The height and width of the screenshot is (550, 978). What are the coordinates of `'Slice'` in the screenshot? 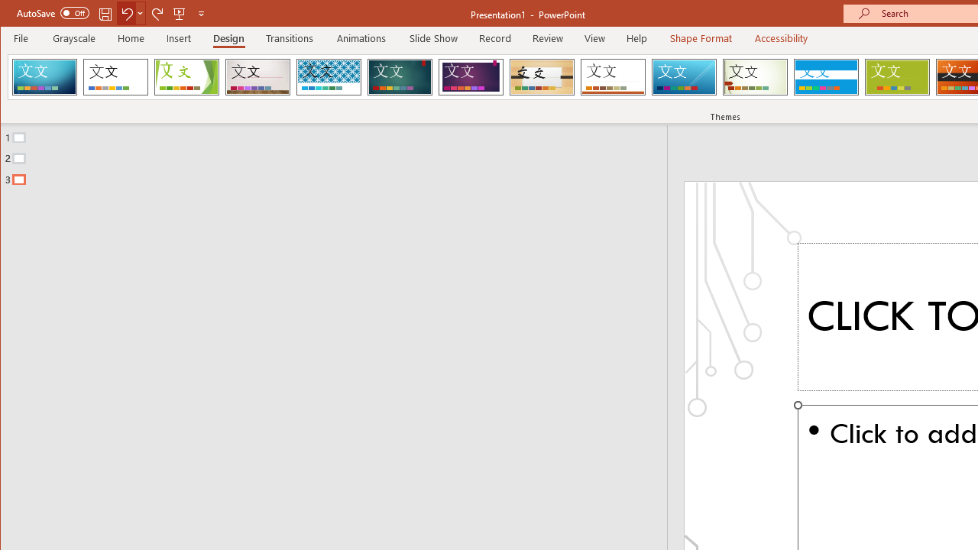 It's located at (683, 76).